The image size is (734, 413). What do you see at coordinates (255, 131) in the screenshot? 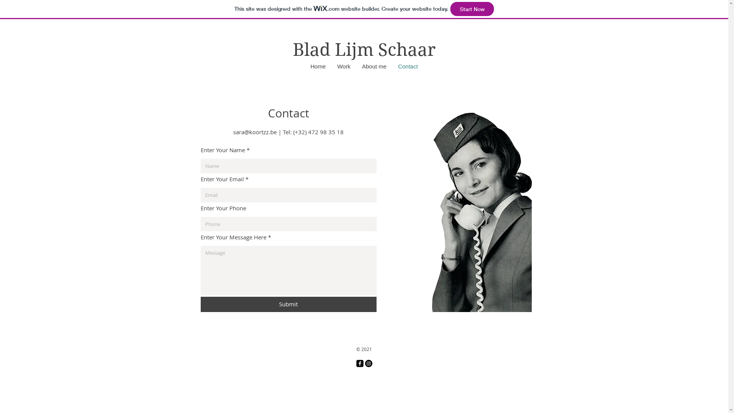
I see `'sara@koortzz.be'` at bounding box center [255, 131].